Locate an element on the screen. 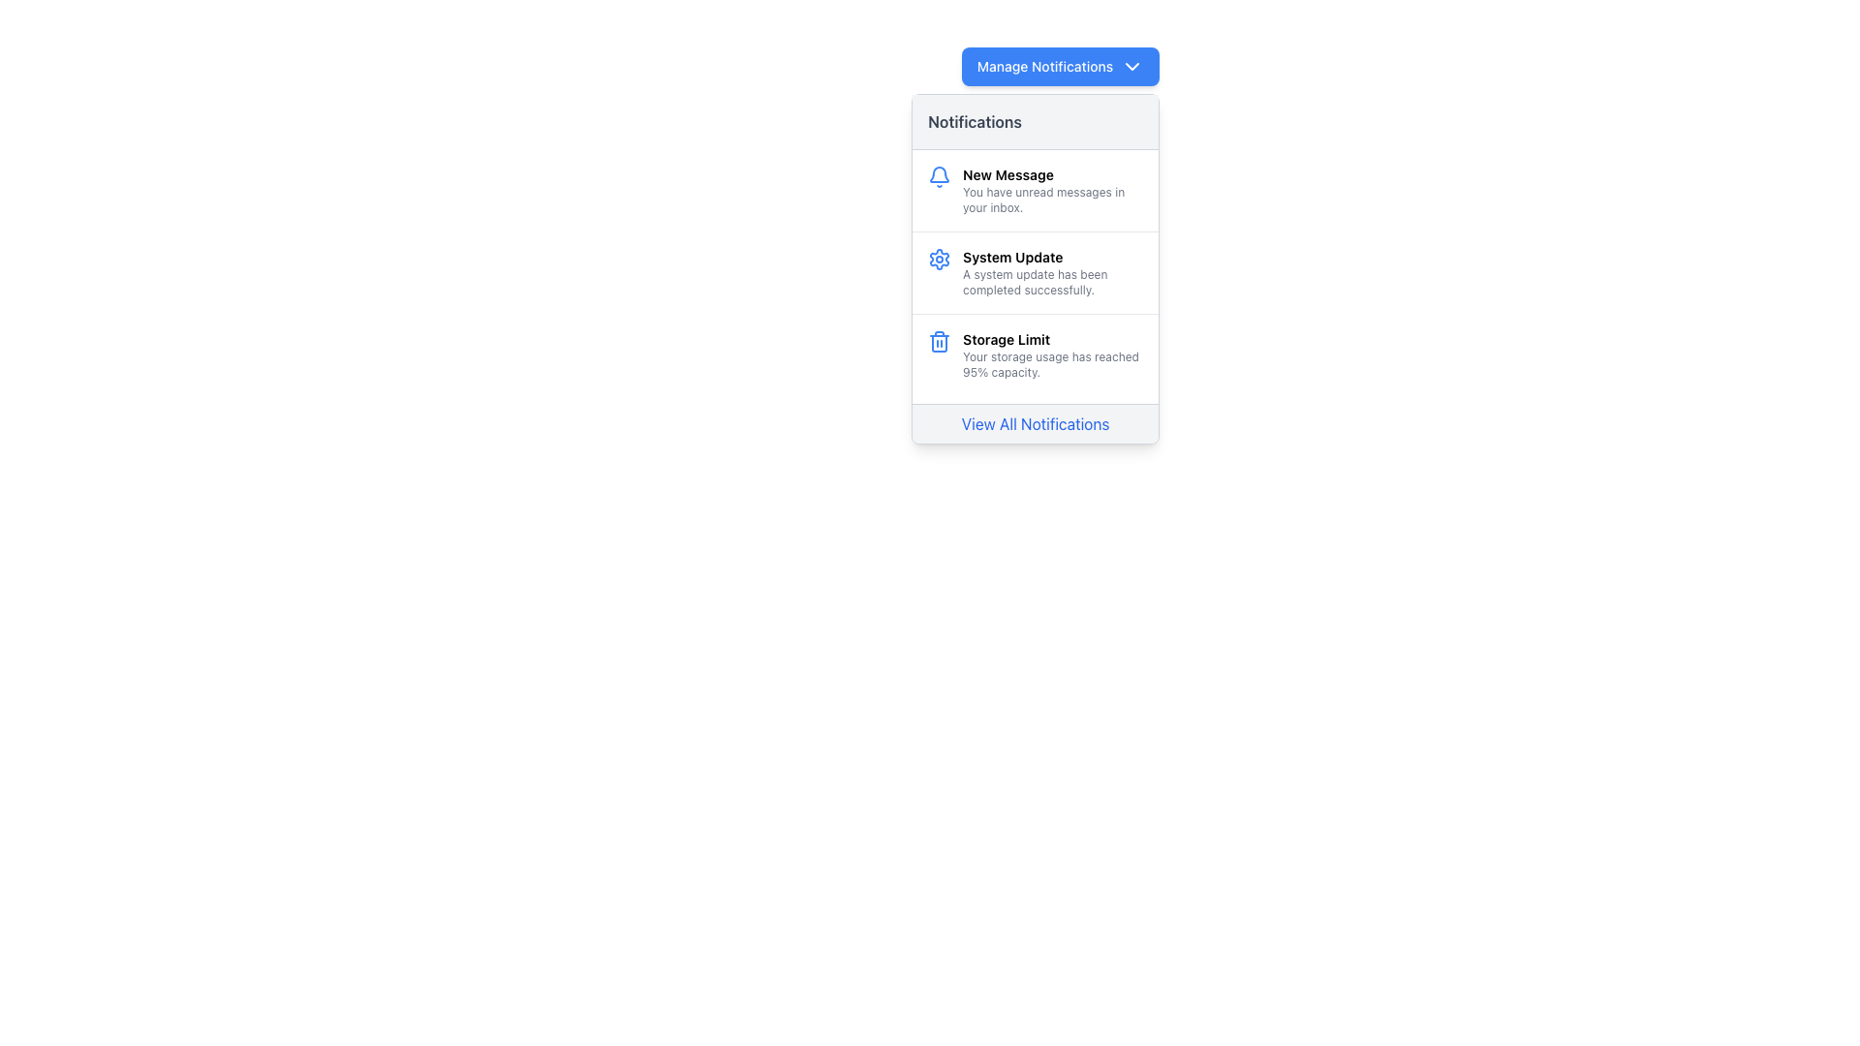 Image resolution: width=1860 pixels, height=1046 pixels. the second notification block titled 'System Update' which contains the message 'A system update has been completed successfully.' is located at coordinates (1052, 272).